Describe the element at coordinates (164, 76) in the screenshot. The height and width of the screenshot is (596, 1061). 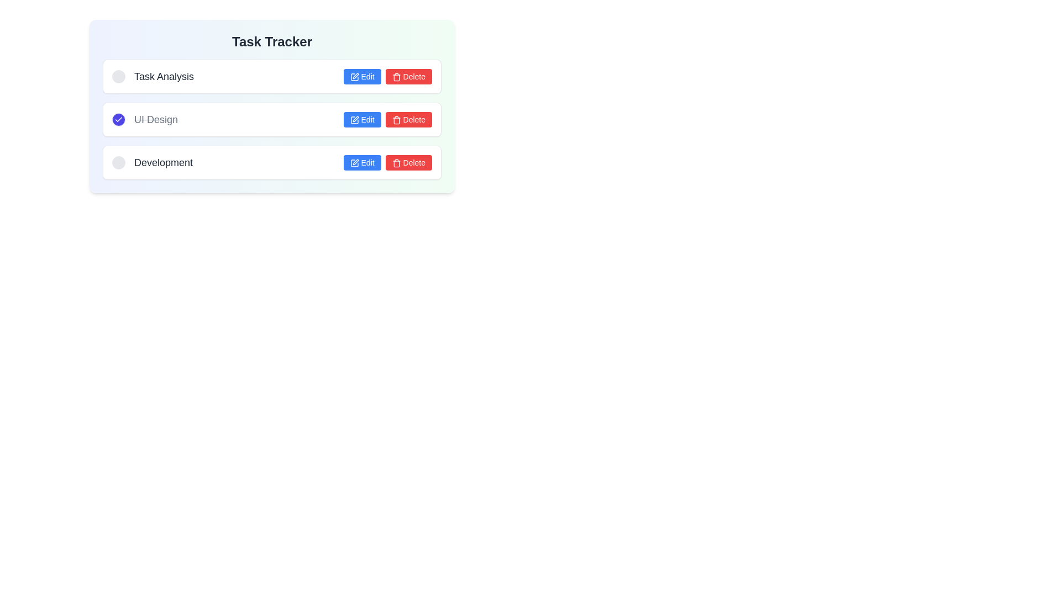
I see `the text label displaying 'Task Analysis', which is a medium-sized, bold, gray-colored title in the task list interface` at that location.